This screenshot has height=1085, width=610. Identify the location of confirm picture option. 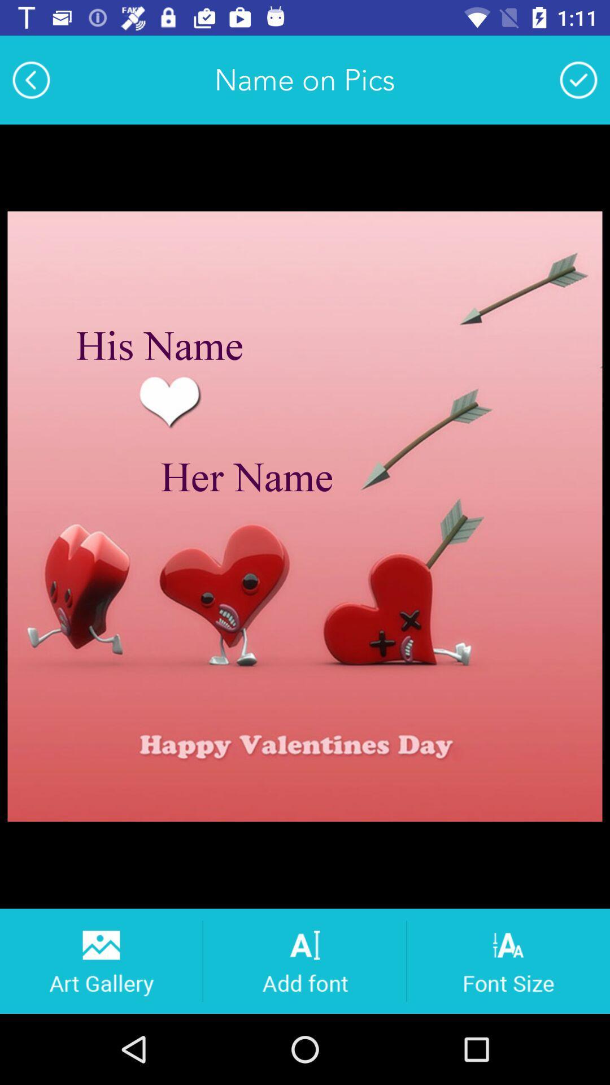
(578, 79).